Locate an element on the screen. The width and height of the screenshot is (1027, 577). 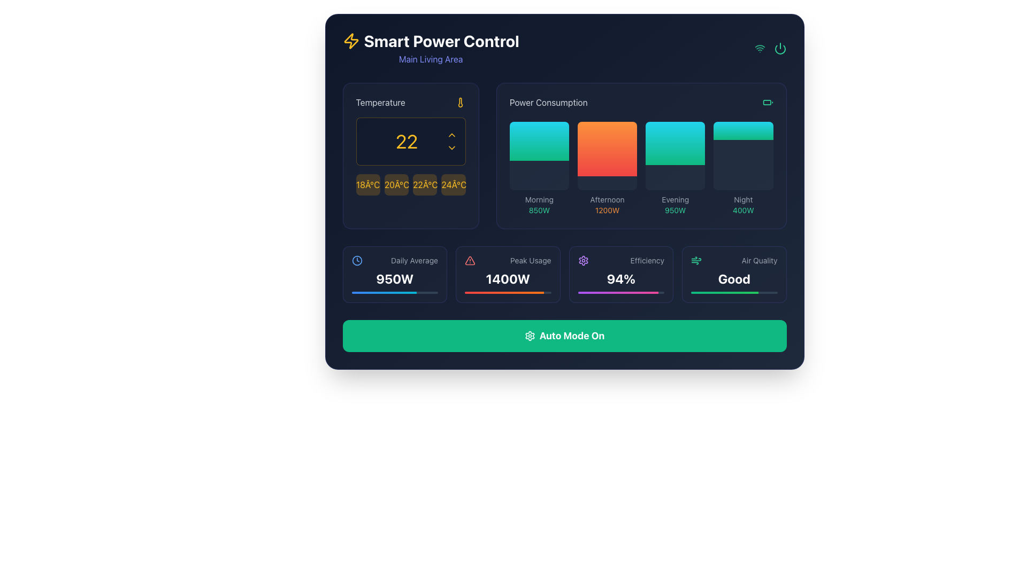
the Progress bar, which is a horizontal green-to-emerald gradient bar located at the bottom of the interface within a slim dark rounded rectangle is located at coordinates (724, 292).